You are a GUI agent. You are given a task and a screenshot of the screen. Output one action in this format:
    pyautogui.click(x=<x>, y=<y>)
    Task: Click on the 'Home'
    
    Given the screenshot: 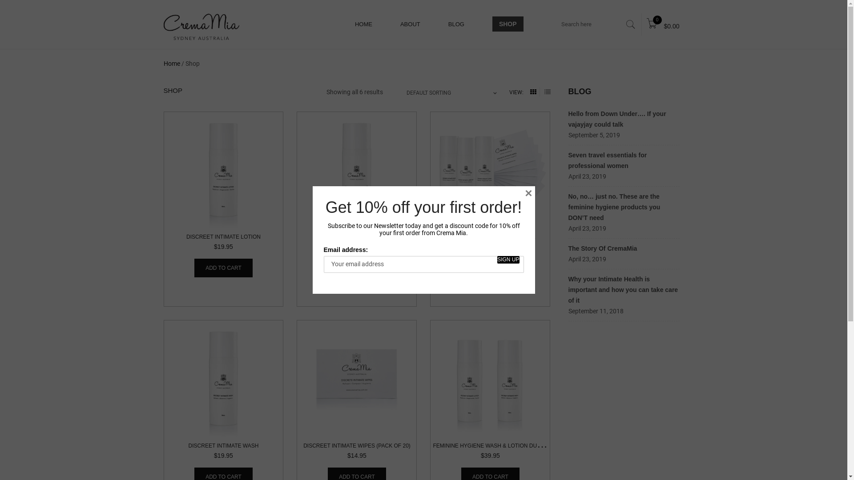 What is the action you would take?
    pyautogui.click(x=172, y=63)
    